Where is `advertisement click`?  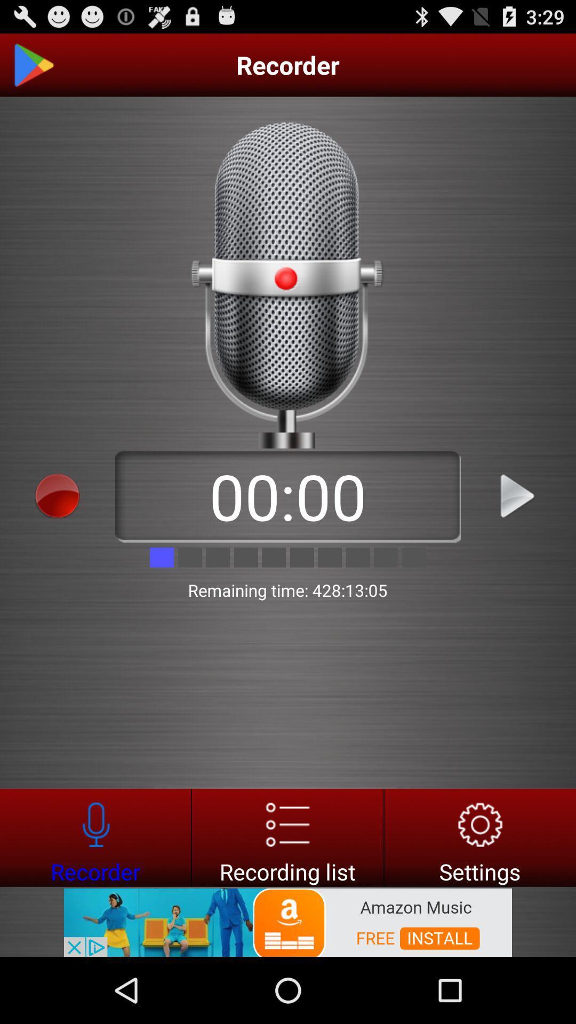
advertisement click is located at coordinates (288, 921).